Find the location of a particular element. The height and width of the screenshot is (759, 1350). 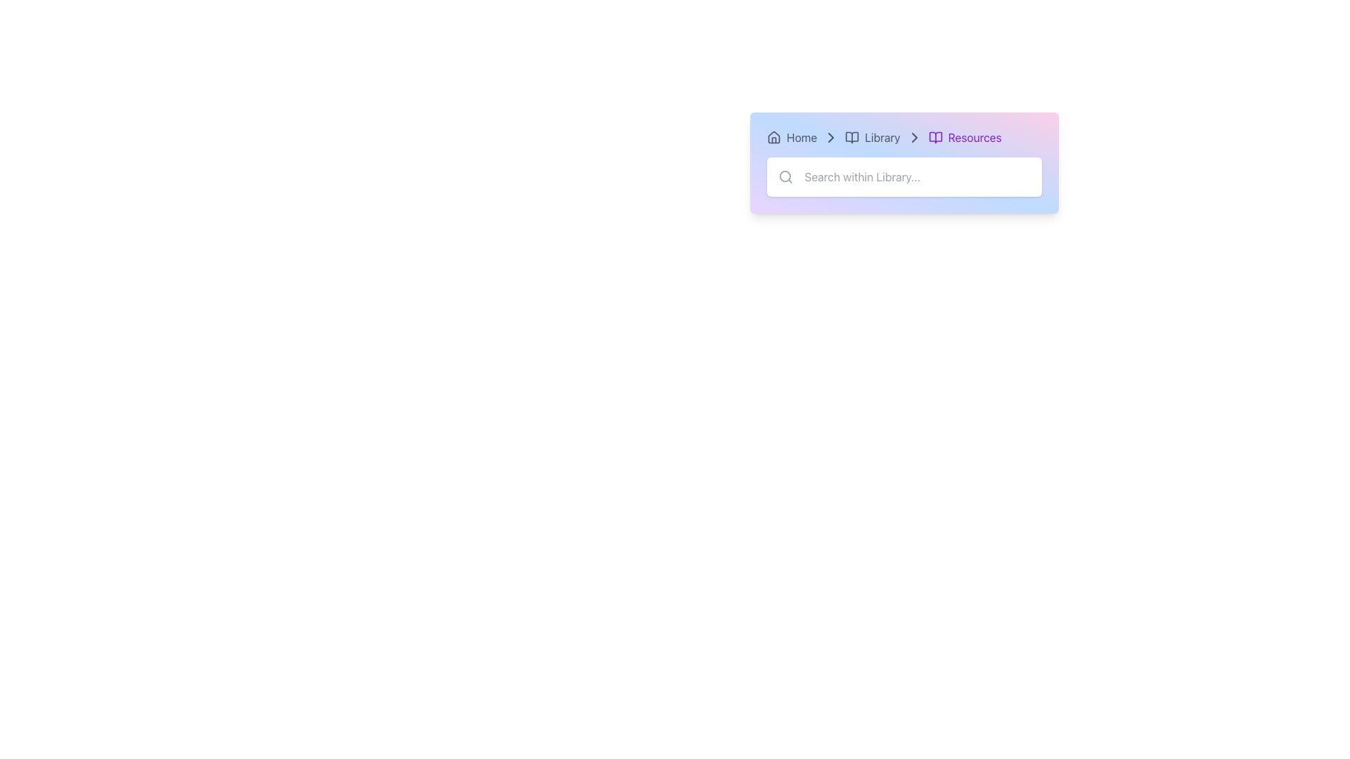

the right chevron icon in the breadcrumb navigation bar, which is positioned between the 'Home' and 'Library' text items is located at coordinates (914, 138).